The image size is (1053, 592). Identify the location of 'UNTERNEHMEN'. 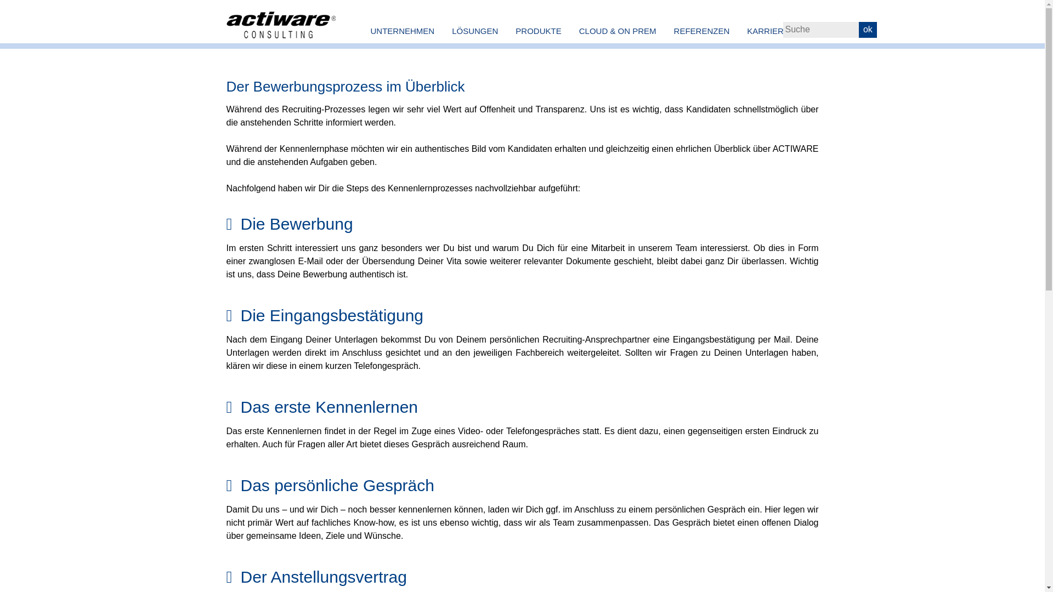
(402, 30).